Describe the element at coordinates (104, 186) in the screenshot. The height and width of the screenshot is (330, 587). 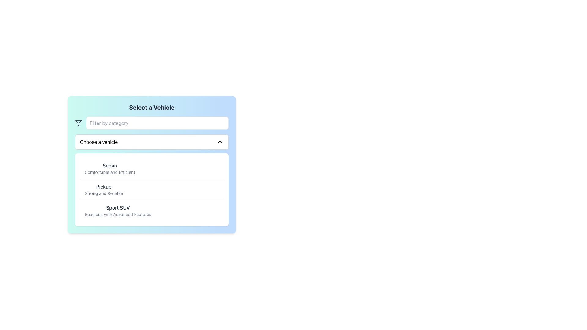
I see `'Pickup' text label which is displayed in a medium-sized dark gray font, positioned above the 'Strong and Reliable' description` at that location.